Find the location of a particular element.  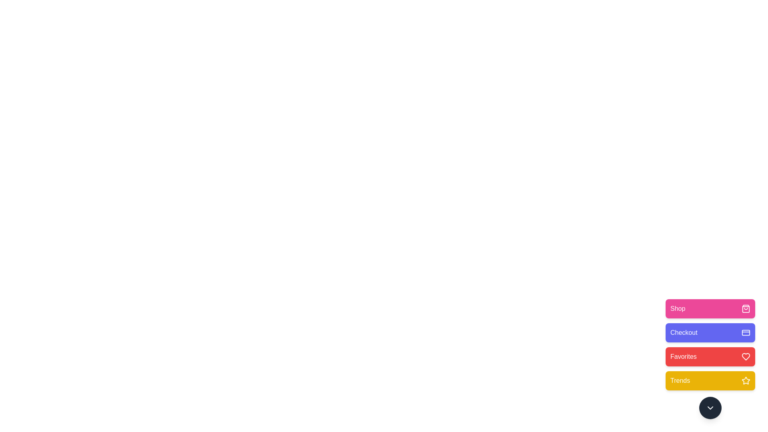

the menu option Shop by clicking the corresponding button is located at coordinates (710, 308).